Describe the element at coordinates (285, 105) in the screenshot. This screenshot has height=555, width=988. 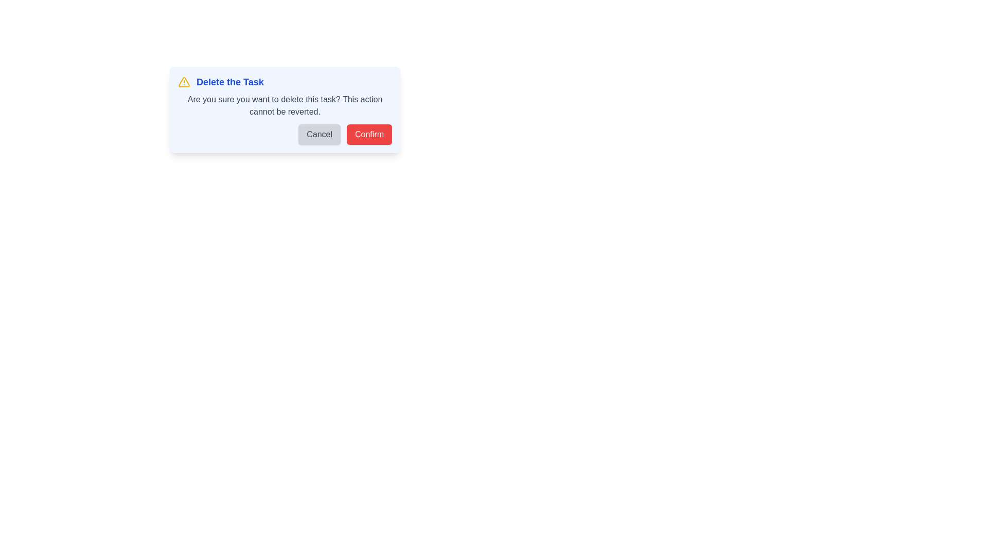
I see `the multi-line text block styled in light gray that reads: 'Are you sure you want to delete this task? This action cannot be reverted.'` at that location.